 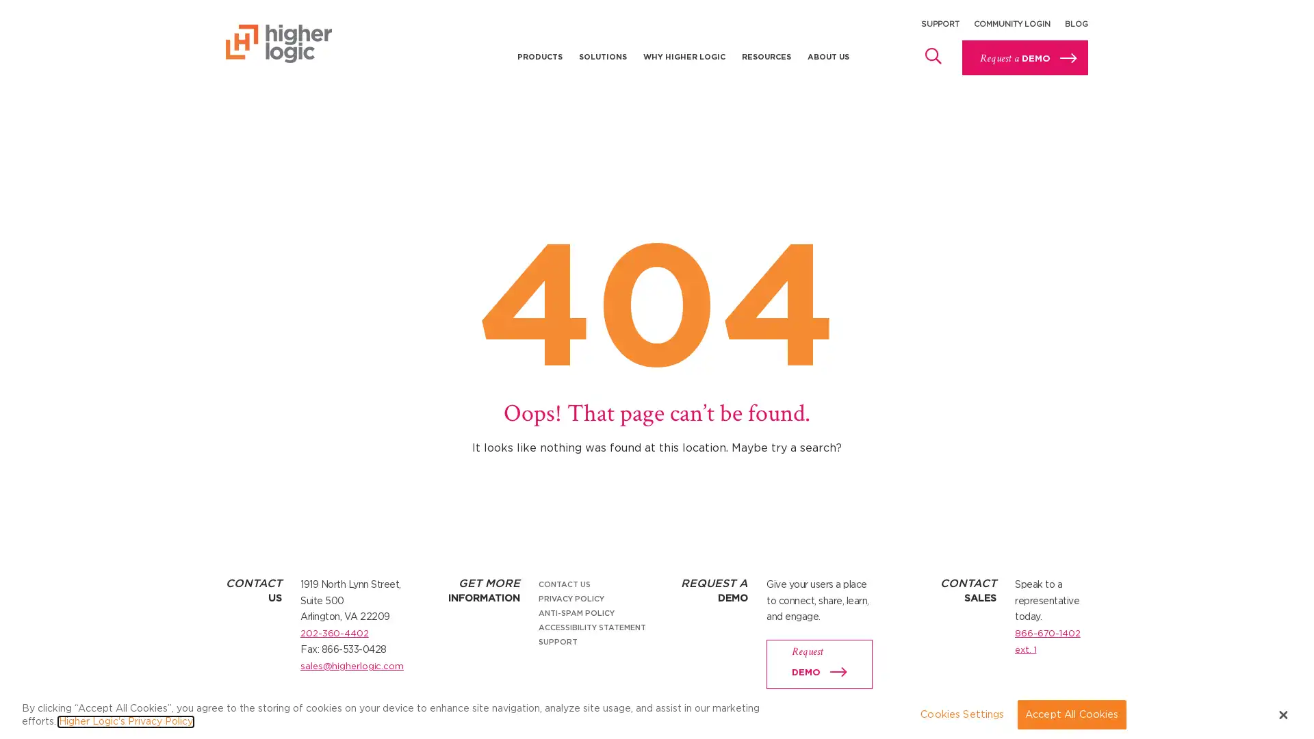 What do you see at coordinates (1282, 714) in the screenshot?
I see `Close` at bounding box center [1282, 714].